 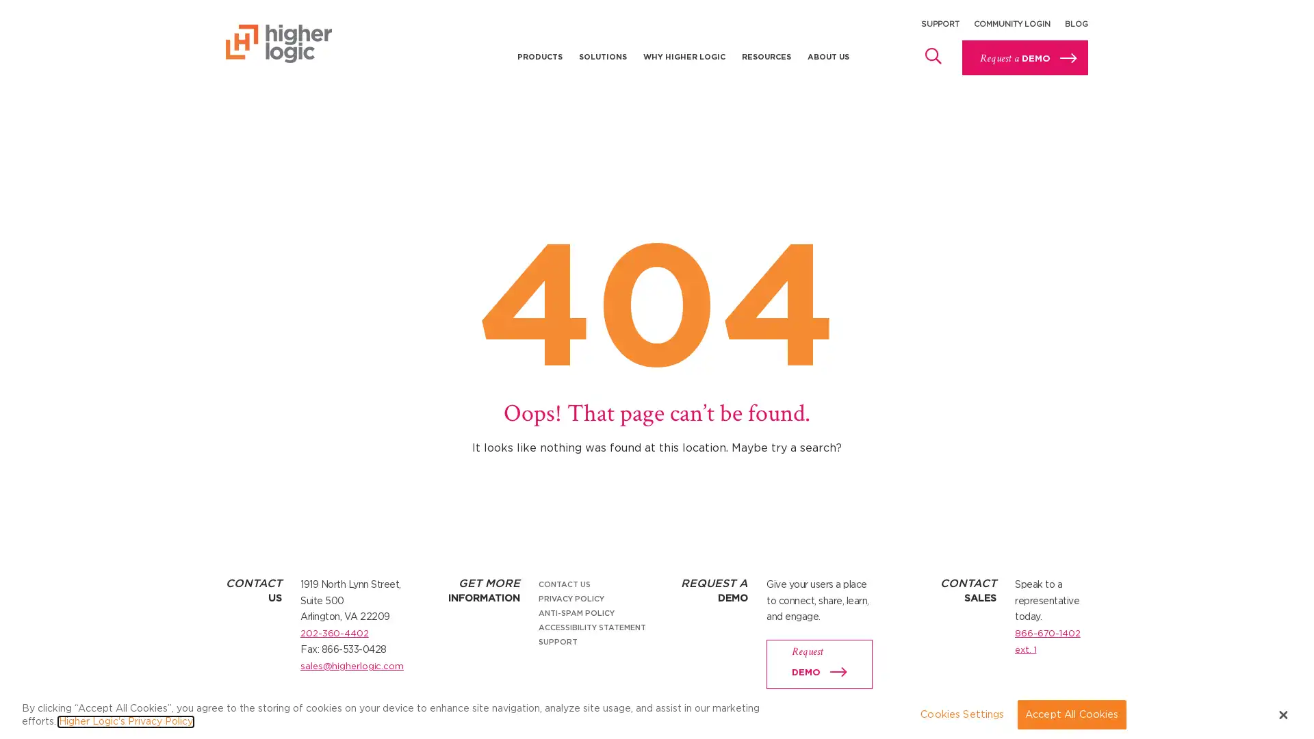 What do you see at coordinates (1282, 714) in the screenshot?
I see `Close` at bounding box center [1282, 714].